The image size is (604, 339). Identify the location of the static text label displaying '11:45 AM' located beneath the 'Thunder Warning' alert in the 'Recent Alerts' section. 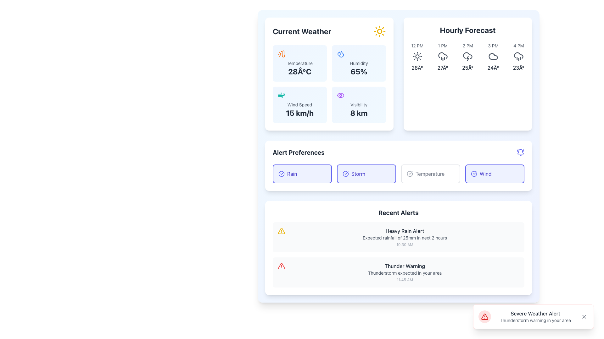
(405, 279).